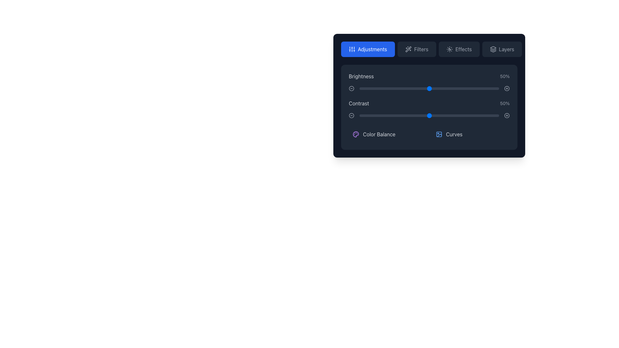 The height and width of the screenshot is (348, 619). I want to click on the contrast level, so click(436, 115).